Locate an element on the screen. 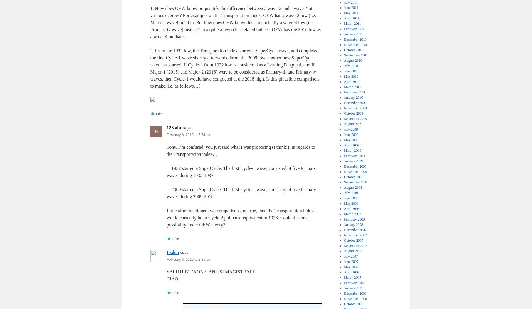  'October 2007' is located at coordinates (353, 240).